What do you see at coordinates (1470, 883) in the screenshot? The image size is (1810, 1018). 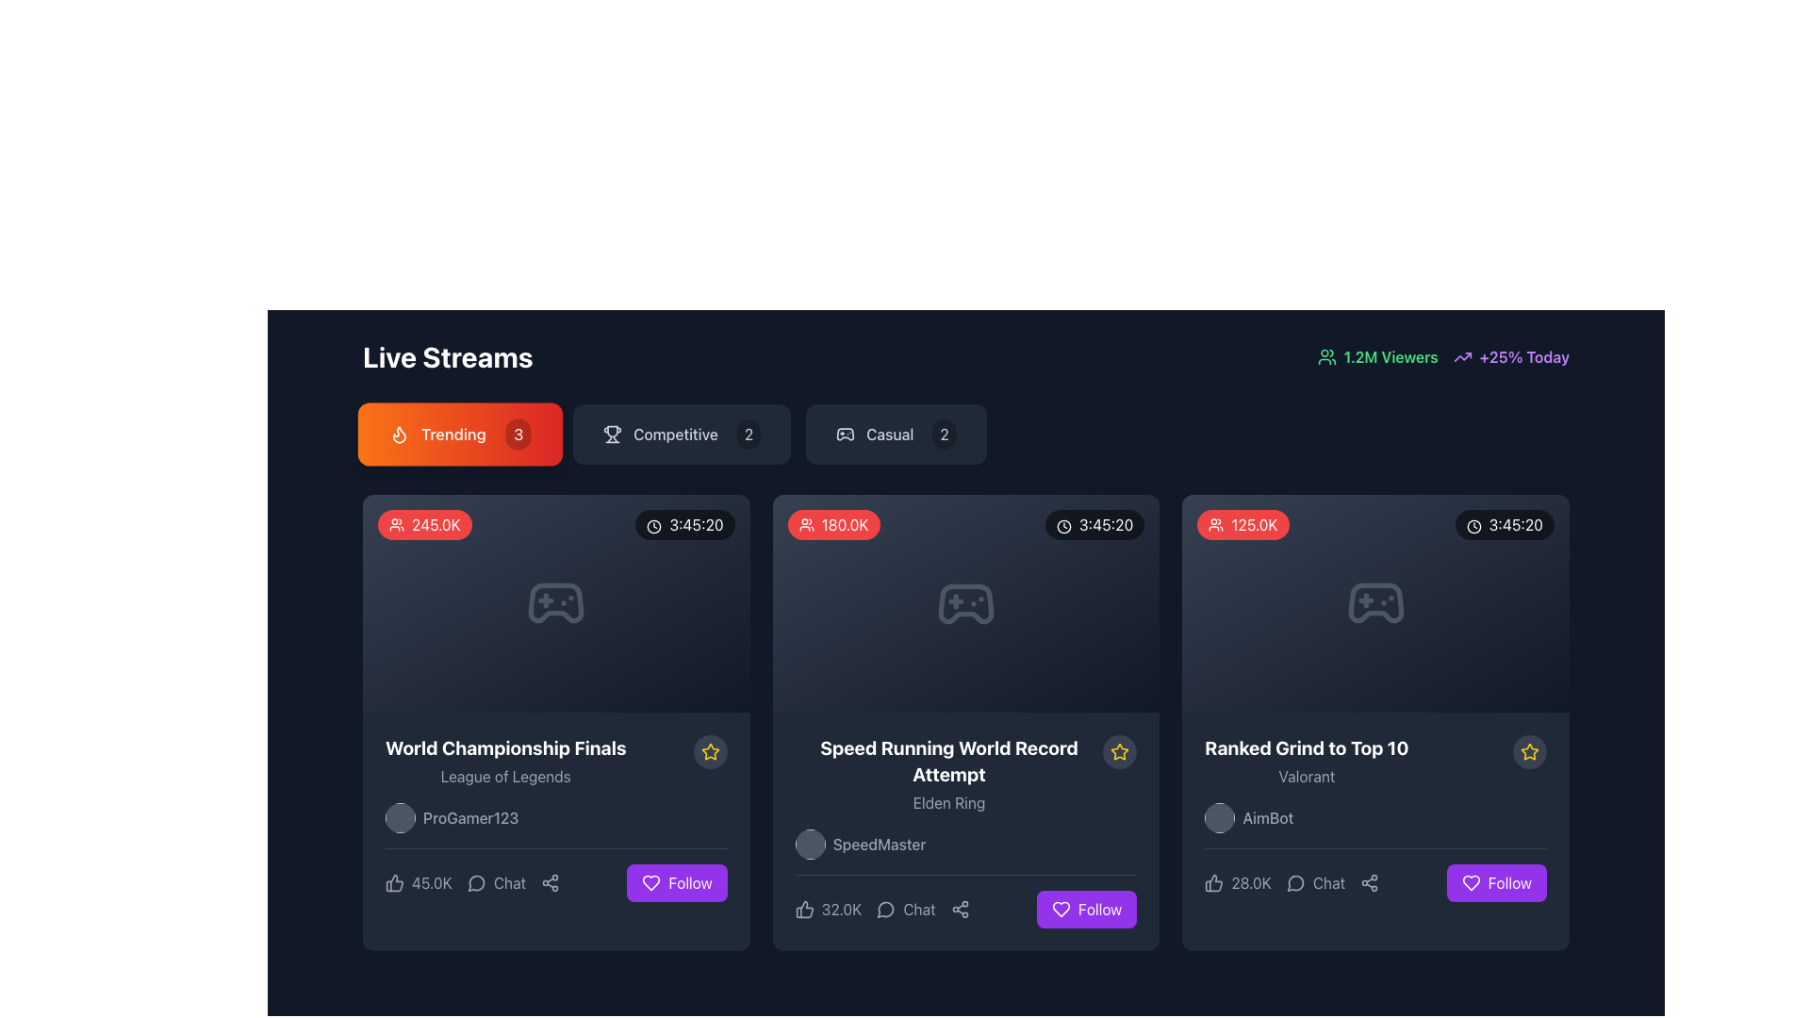 I see `the heart-shaped icon with a hollow center, styled with a thin purple stroke, located inside the purple 'Follow' button at the bottom-right corner of the 'Ranked Grind to Top 10' card` at bounding box center [1470, 883].